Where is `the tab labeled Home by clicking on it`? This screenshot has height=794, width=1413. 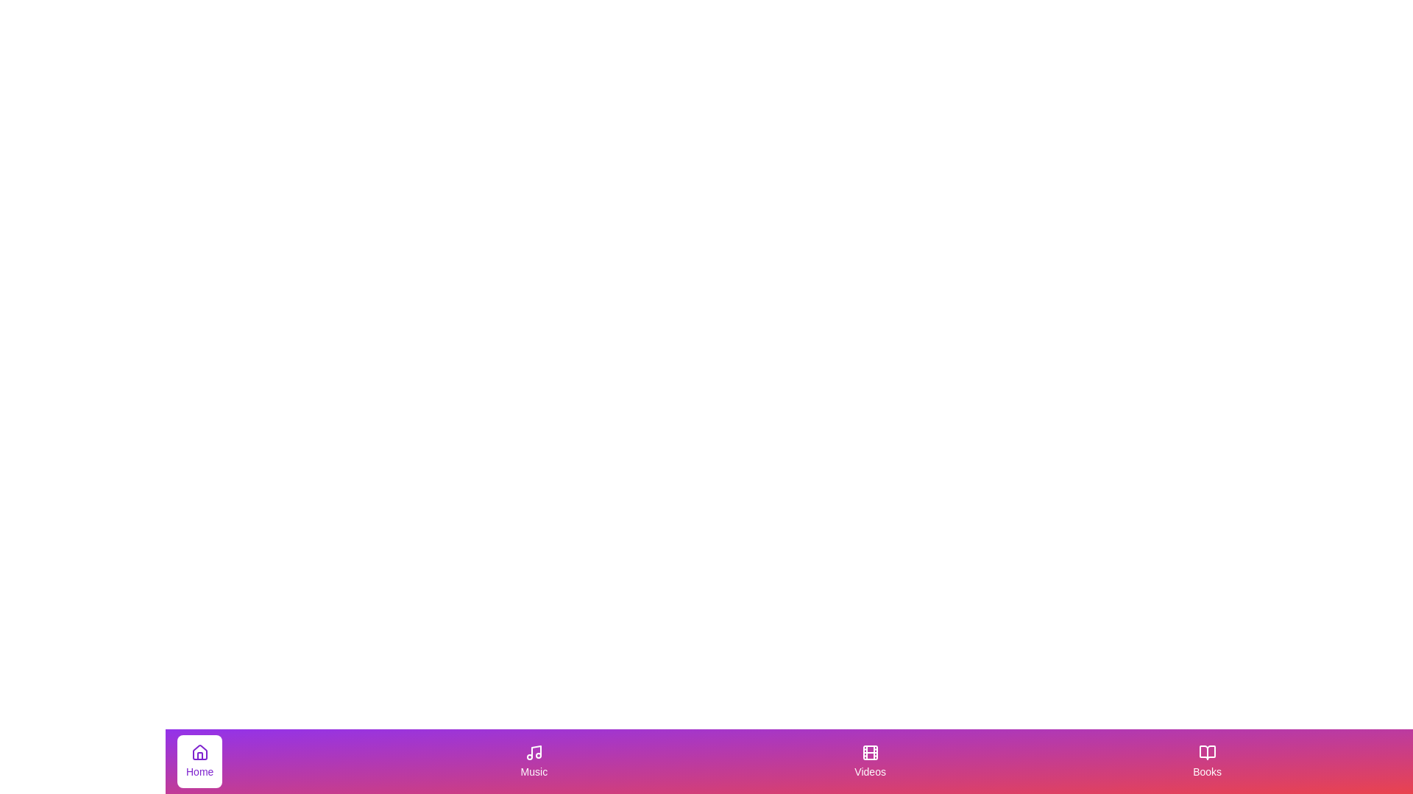
the tab labeled Home by clicking on it is located at coordinates (199, 761).